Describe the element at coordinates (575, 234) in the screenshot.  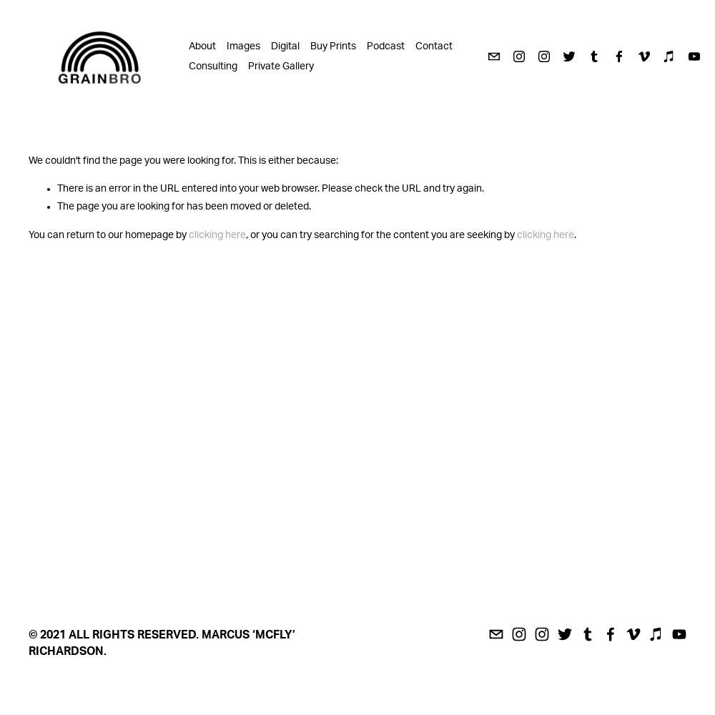
I see `'.'` at that location.